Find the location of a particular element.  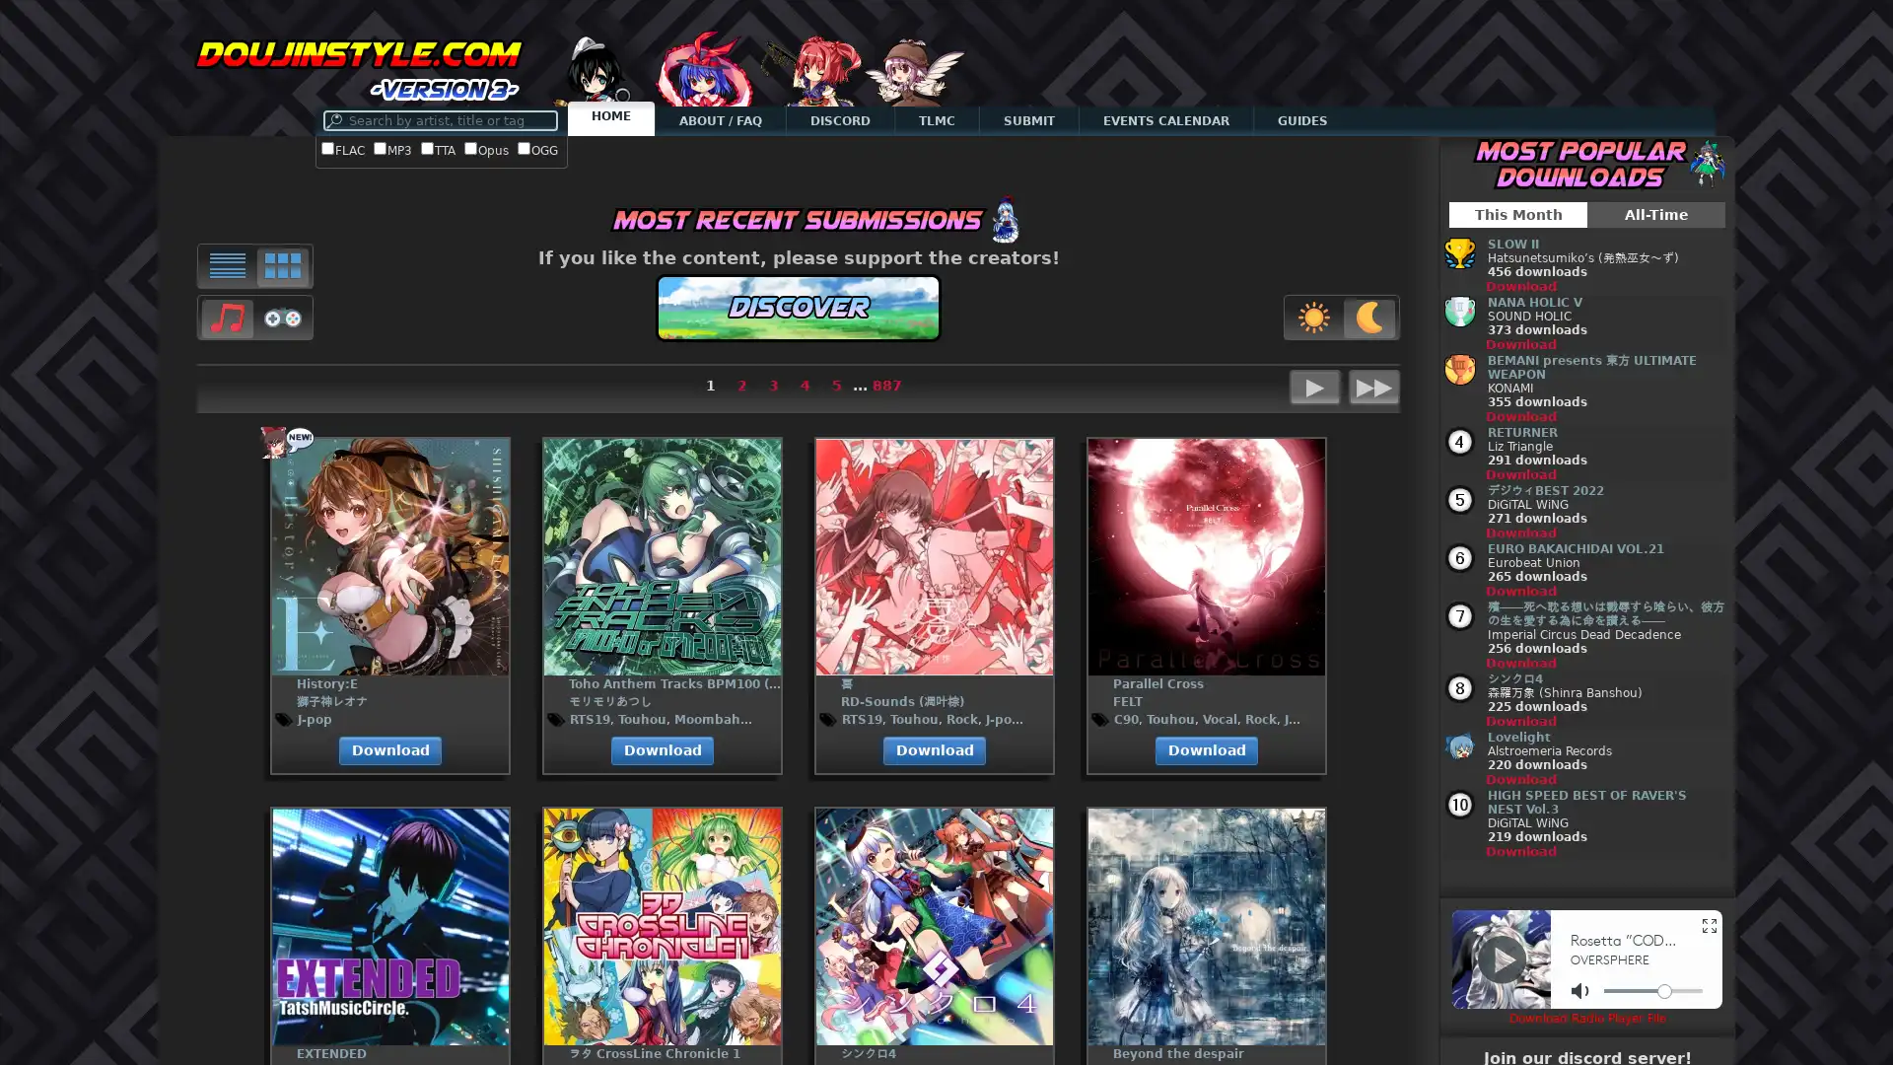

Download is located at coordinates (1519, 343).